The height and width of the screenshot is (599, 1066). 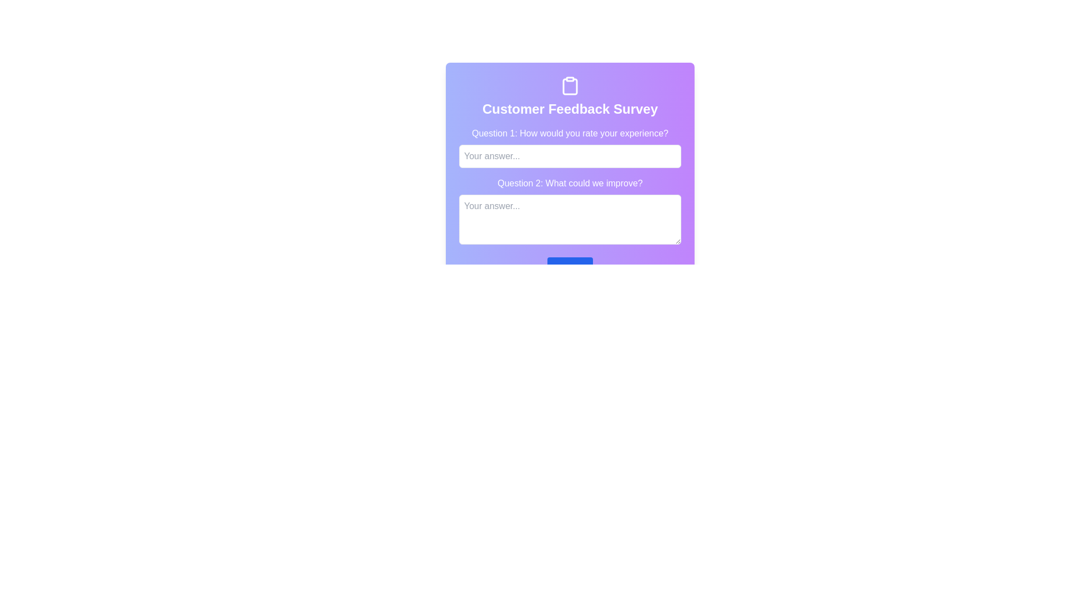 What do you see at coordinates (570, 133) in the screenshot?
I see `the textual element displaying 'Question 1: How would you rate your experience?' which is styled with a white font color and positioned at the top of the survey form` at bounding box center [570, 133].